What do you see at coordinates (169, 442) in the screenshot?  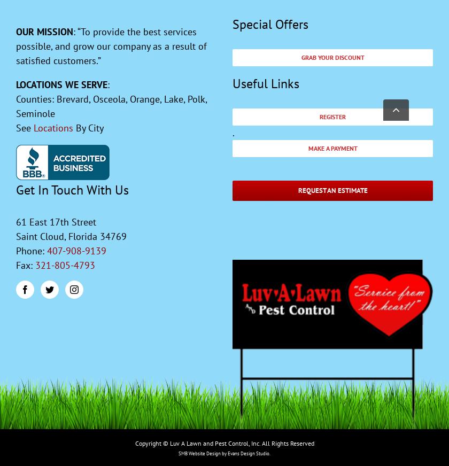 I see `'Luv A Lawn and Pest Control, Inc. All Rights Reserved'` at bounding box center [169, 442].